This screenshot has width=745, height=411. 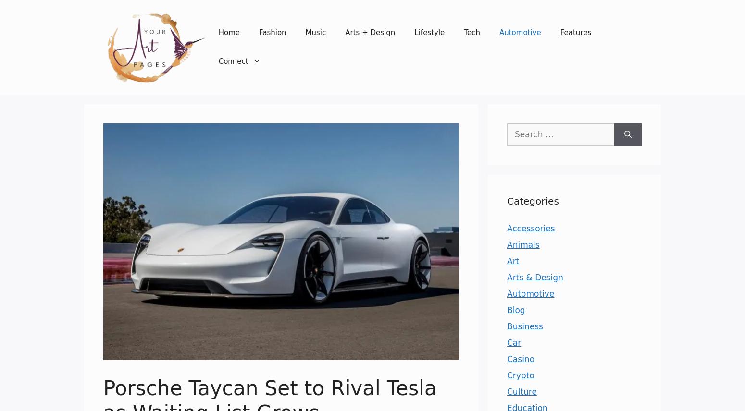 What do you see at coordinates (370, 32) in the screenshot?
I see `'Arts + Design'` at bounding box center [370, 32].